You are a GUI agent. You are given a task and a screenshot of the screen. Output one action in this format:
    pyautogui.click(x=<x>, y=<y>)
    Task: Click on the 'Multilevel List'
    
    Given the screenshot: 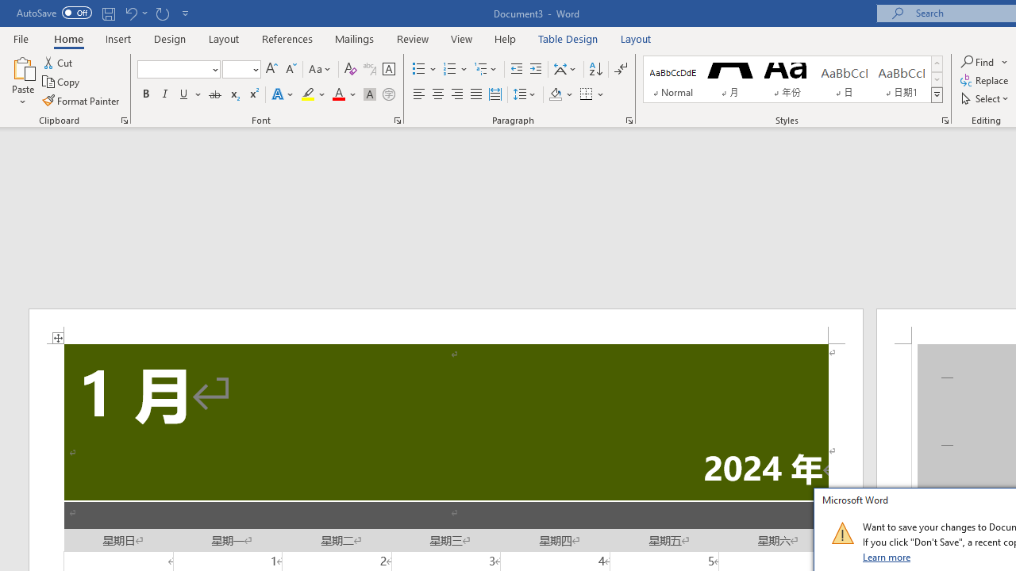 What is the action you would take?
    pyautogui.click(x=486, y=68)
    